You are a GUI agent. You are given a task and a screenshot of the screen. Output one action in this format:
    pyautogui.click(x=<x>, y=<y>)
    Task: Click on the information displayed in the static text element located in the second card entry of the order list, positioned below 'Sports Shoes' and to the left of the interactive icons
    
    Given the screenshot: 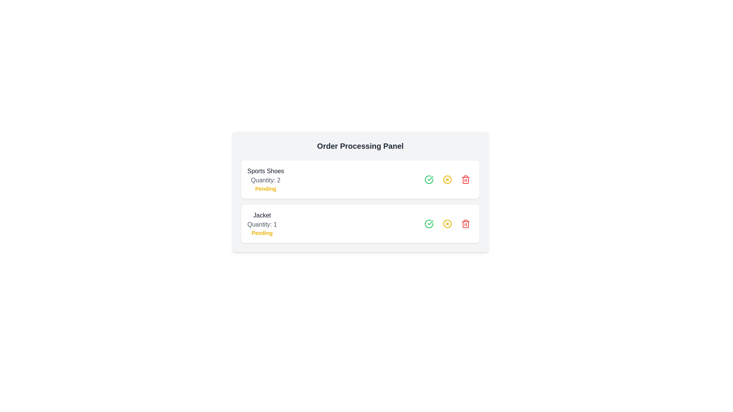 What is the action you would take?
    pyautogui.click(x=262, y=223)
    